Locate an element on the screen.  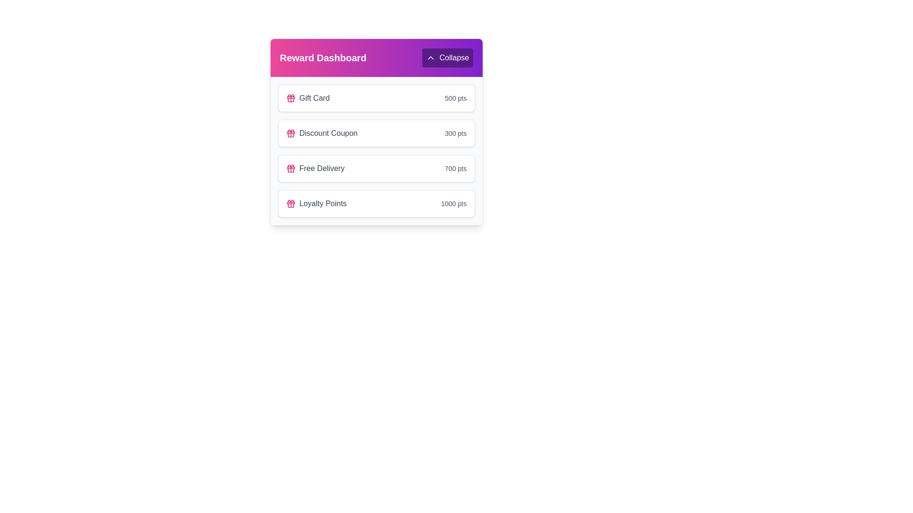
the upward-pointing chevron icon within the purple button on the top-right corner of the reward dashboard is located at coordinates (430, 58).